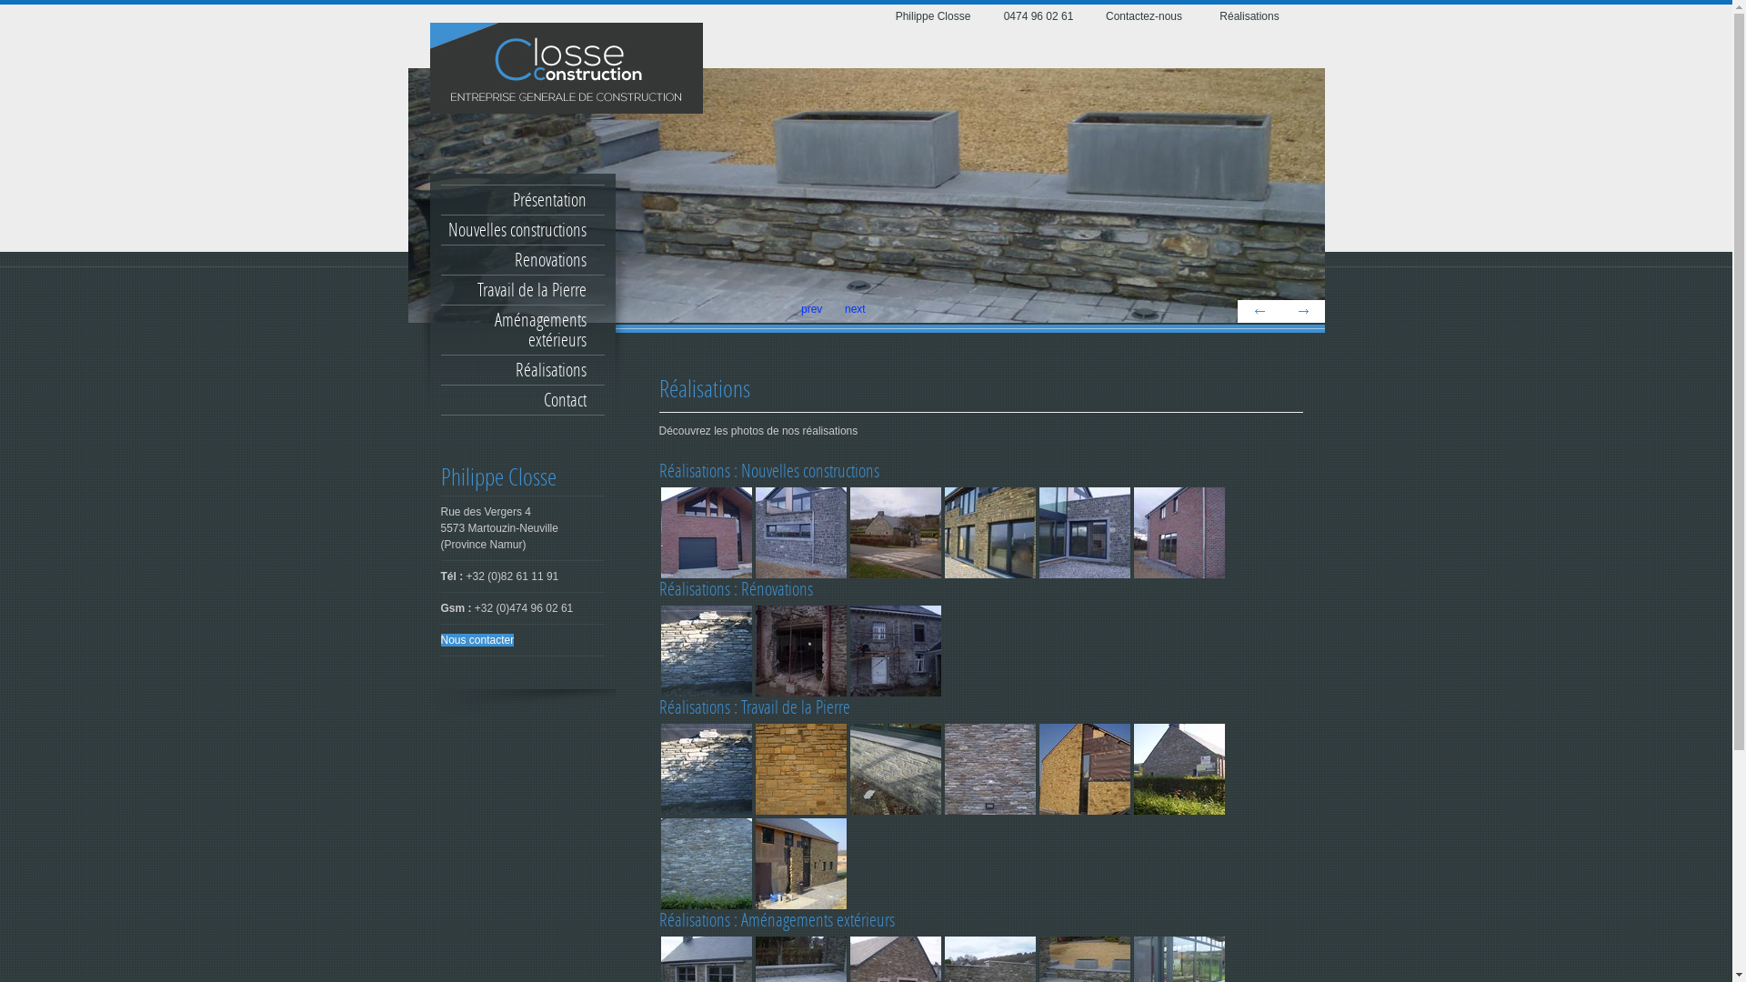 The width and height of the screenshot is (1746, 982). I want to click on 'OLYMPUS DIGITAL CAMERA         ', so click(705, 862).